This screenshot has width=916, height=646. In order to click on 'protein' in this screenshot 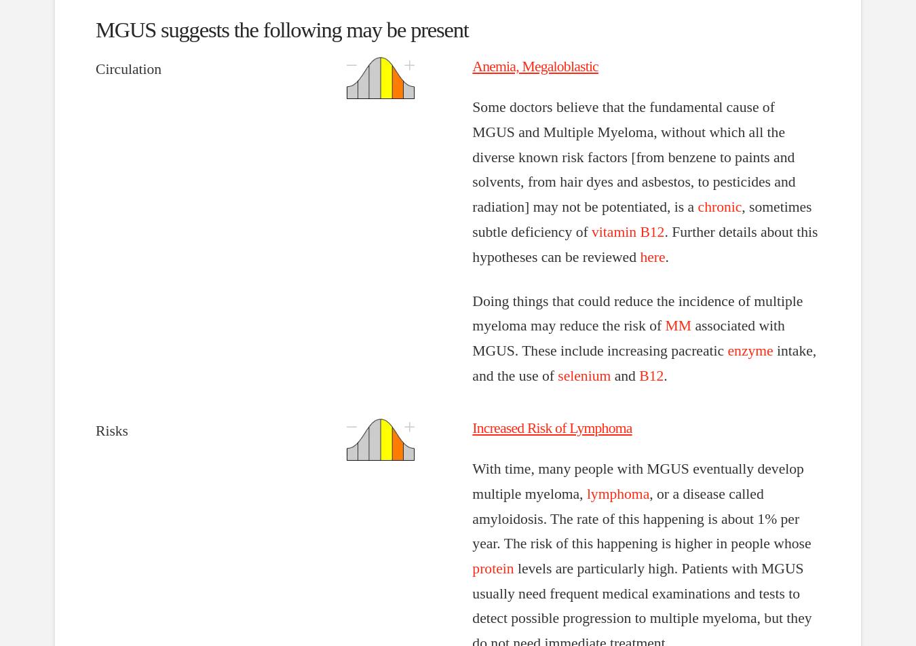, I will do `click(492, 569)`.